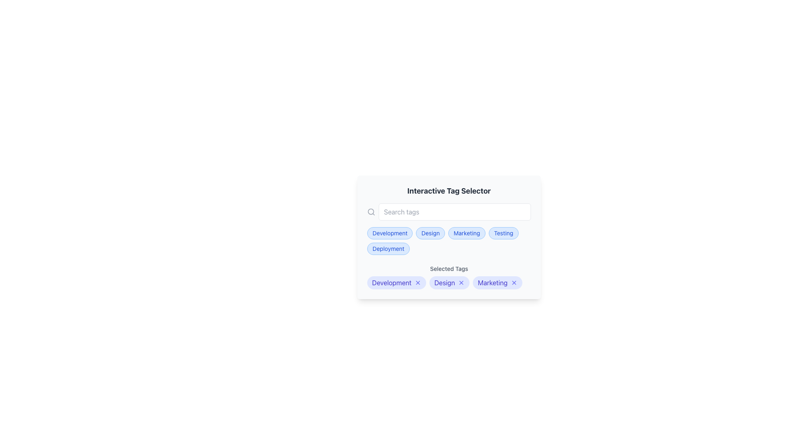 Image resolution: width=786 pixels, height=442 pixels. What do you see at coordinates (388, 248) in the screenshot?
I see `the 'Deployment' button, which has a blue rounded outline and light blue background, to trigger the tooltip or hover effect` at bounding box center [388, 248].